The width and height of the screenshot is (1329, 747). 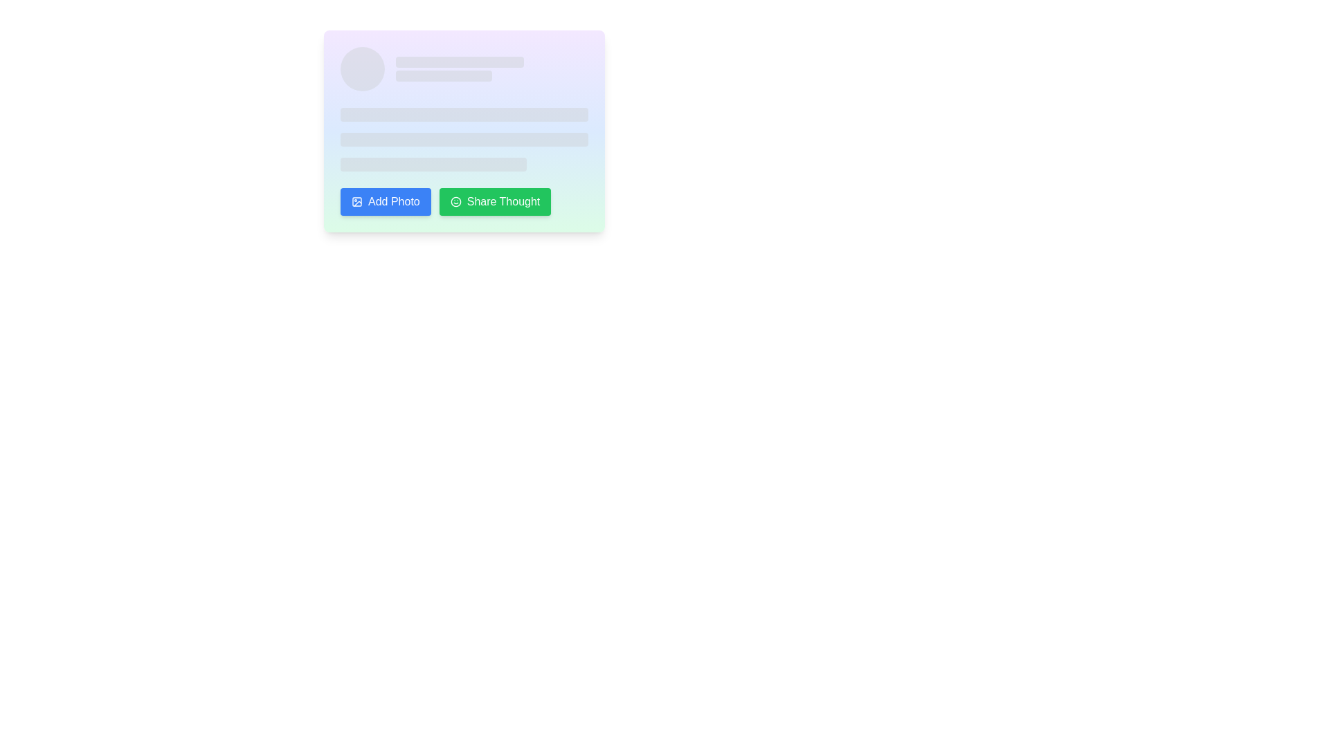 What do you see at coordinates (455, 202) in the screenshot?
I see `the decorative icon located to the left of the 'Share Thought' button, which enhances the button's visual appeal` at bounding box center [455, 202].